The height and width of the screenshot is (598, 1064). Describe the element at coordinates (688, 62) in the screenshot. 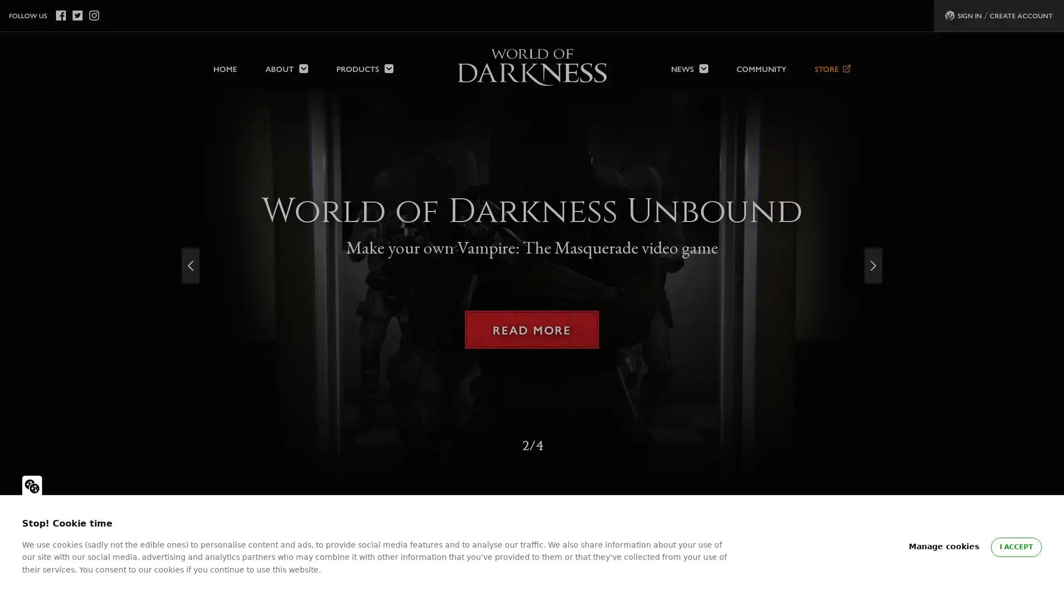

I see `NEWS` at that location.